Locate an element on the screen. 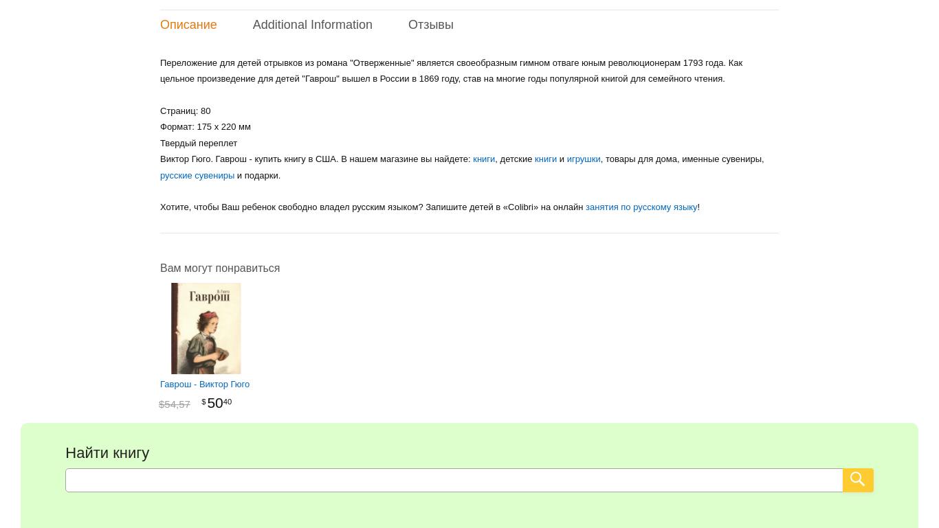 Image resolution: width=939 pixels, height=528 pixels. 'Additional Information' is located at coordinates (252, 23).